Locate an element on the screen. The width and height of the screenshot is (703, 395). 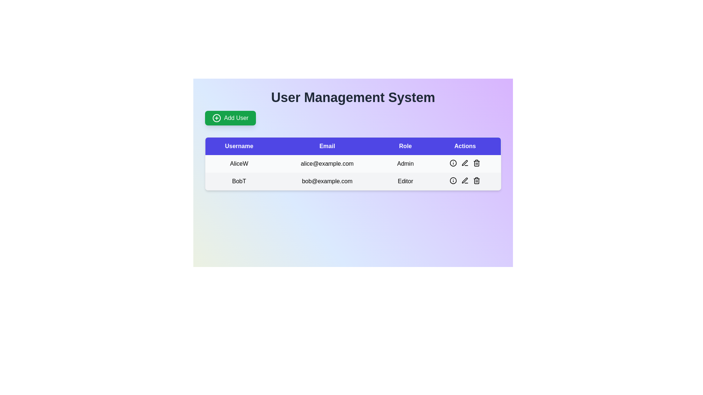
the circular outline icon associated with user 'BobT' in the 'Actions' column of the 'User Management System' interface is located at coordinates (453, 163).